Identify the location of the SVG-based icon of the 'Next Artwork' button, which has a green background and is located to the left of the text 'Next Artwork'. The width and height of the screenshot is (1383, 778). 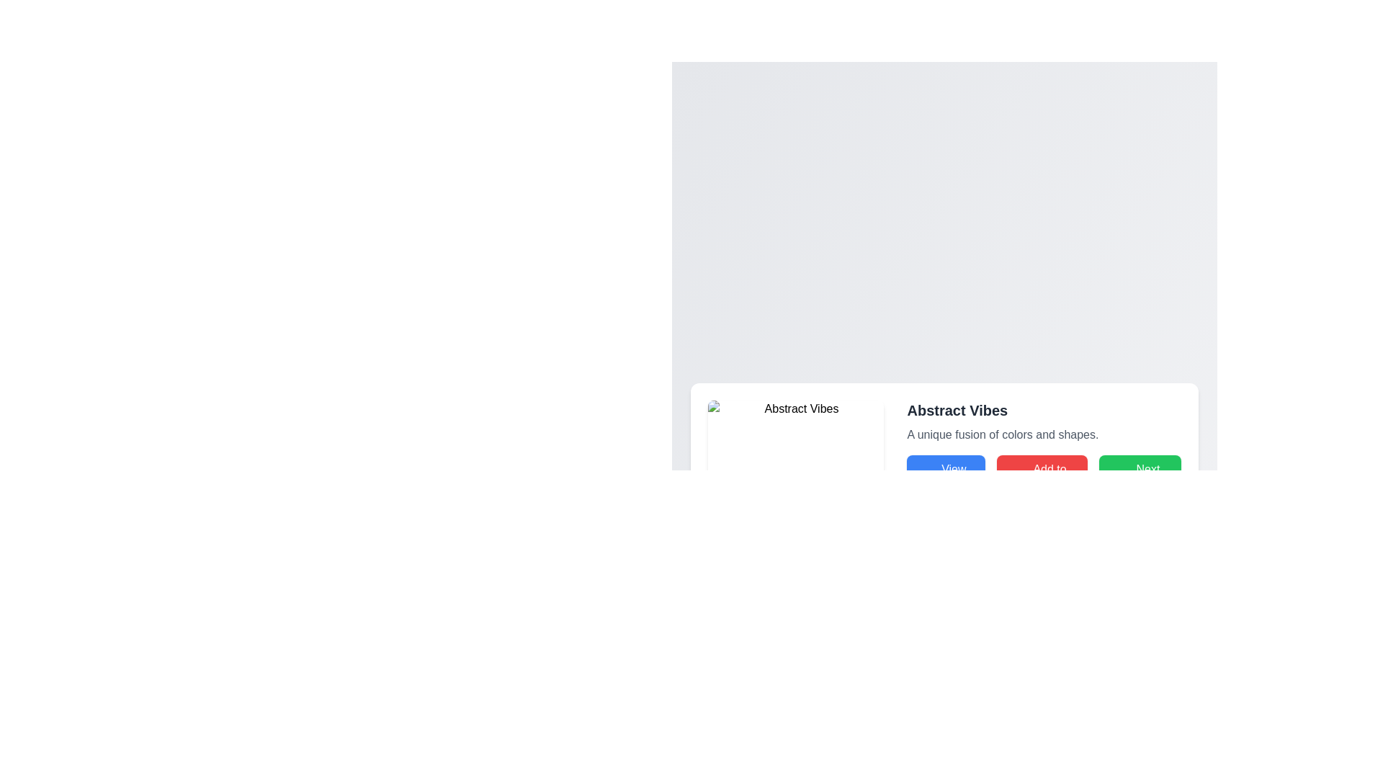
(1114, 478).